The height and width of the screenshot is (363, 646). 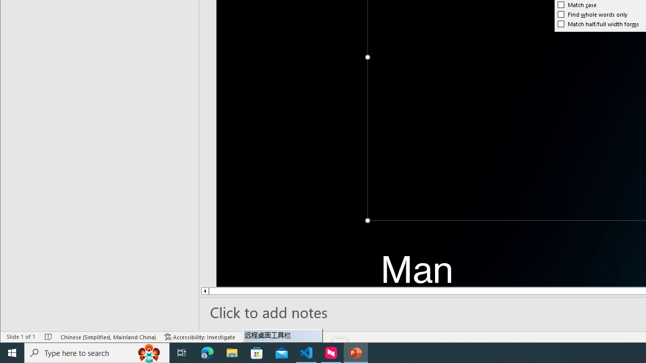 I want to click on 'Microsoft Edge', so click(x=207, y=352).